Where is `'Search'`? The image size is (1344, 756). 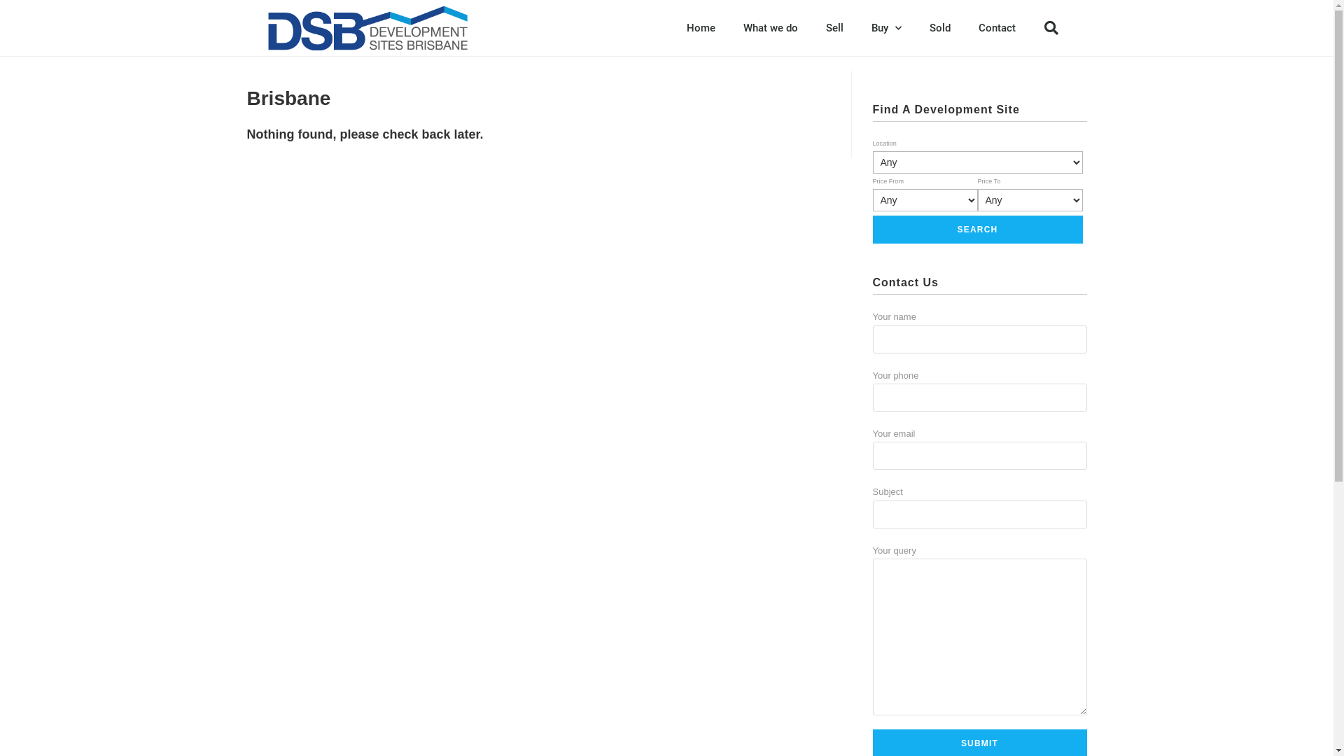 'Search' is located at coordinates (976, 228).